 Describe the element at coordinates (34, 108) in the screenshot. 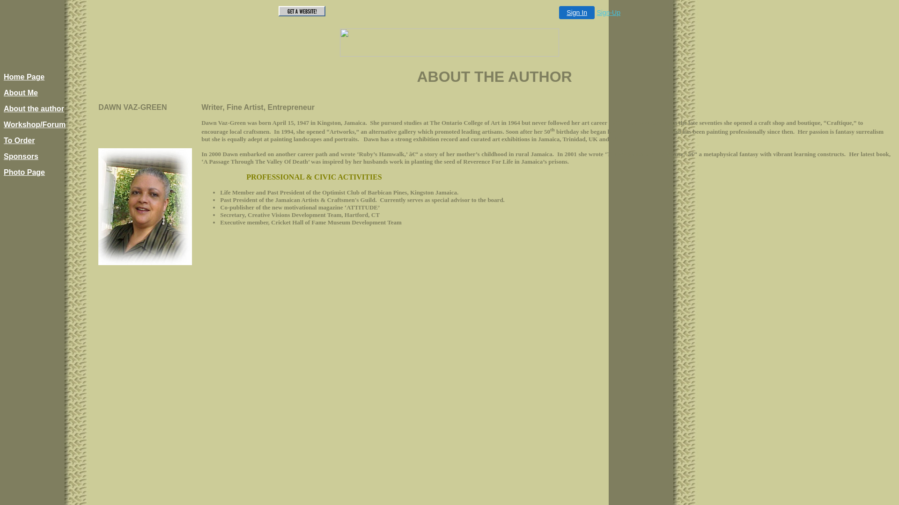

I see `'About the author'` at that location.